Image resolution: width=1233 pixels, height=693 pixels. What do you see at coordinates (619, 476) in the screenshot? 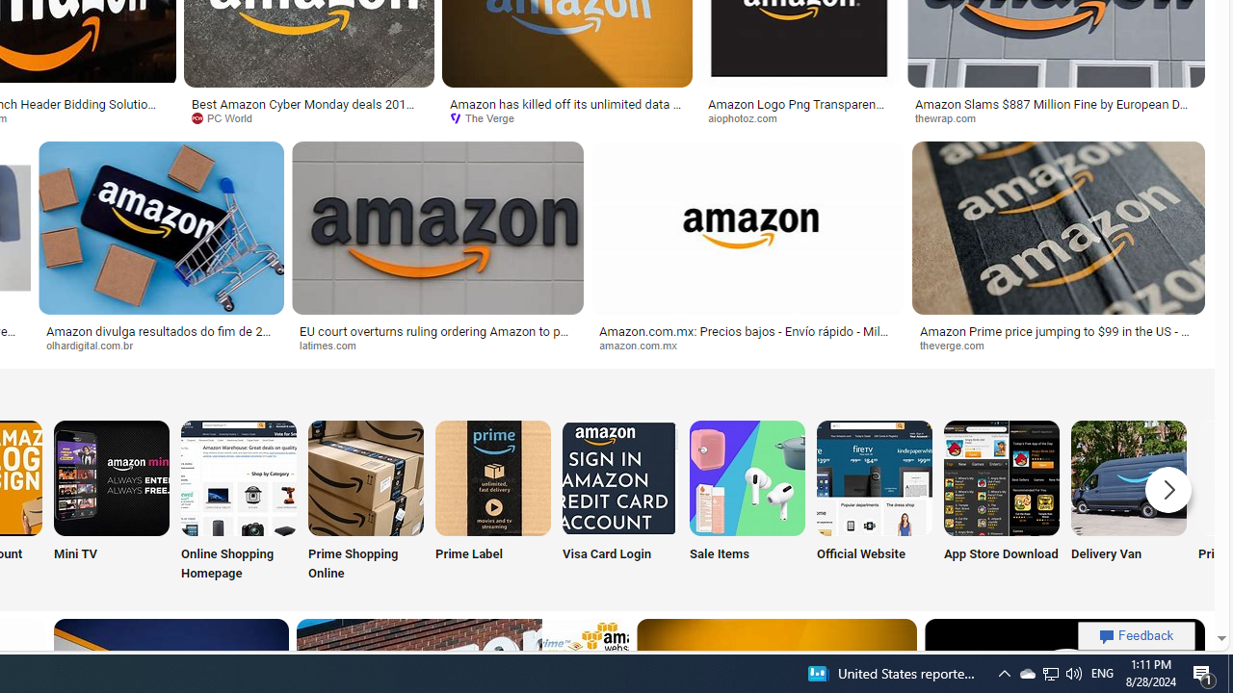
I see `'Amazon Visa Card Login'` at bounding box center [619, 476].